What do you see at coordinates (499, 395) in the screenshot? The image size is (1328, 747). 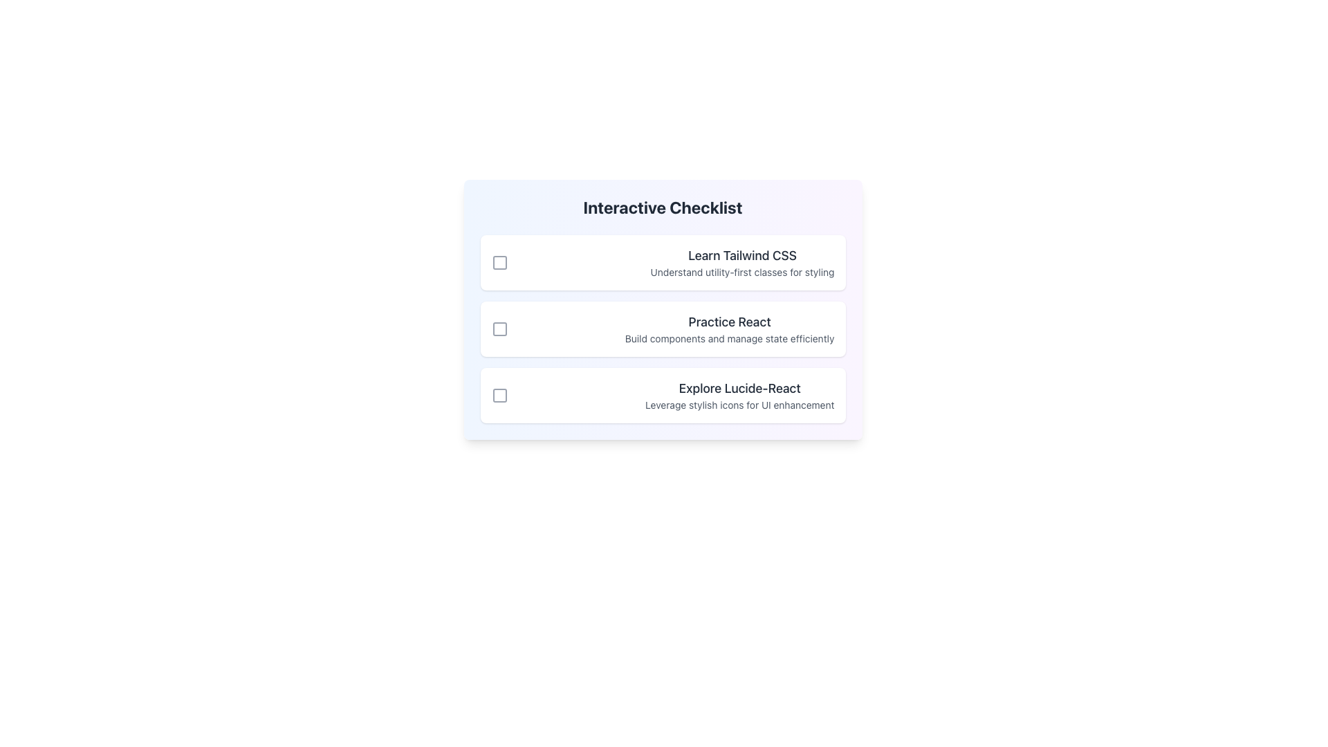 I see `the leftmost checkbox in the third row of the interactive checklist` at bounding box center [499, 395].